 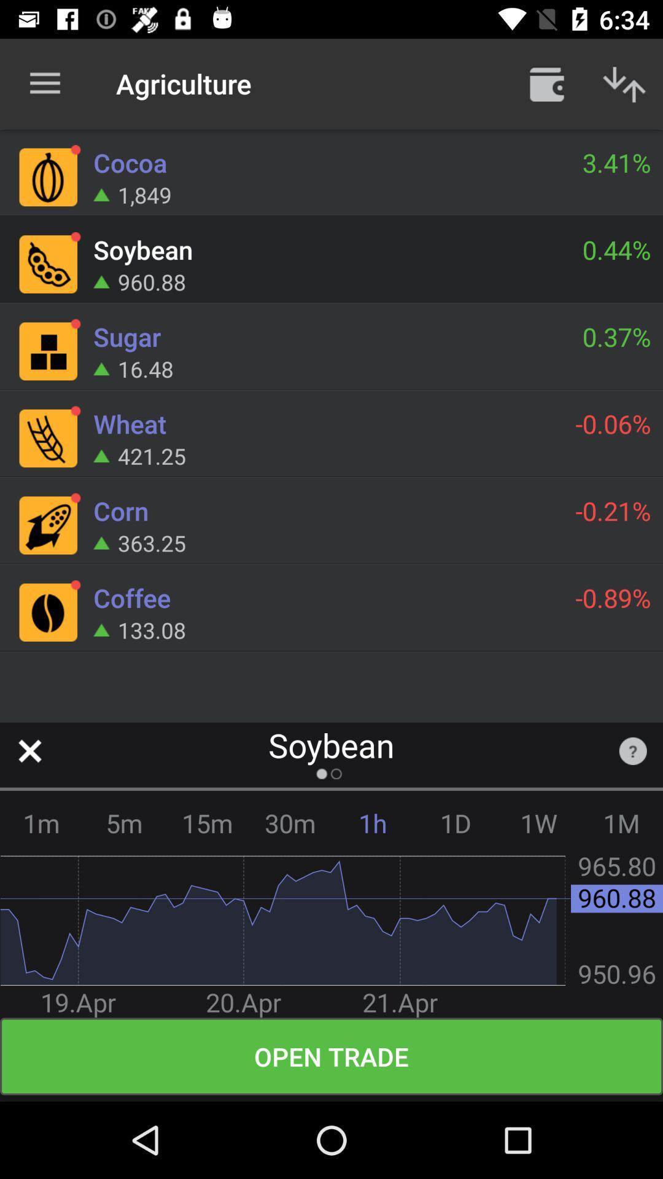 I want to click on exit out, so click(x=29, y=750).